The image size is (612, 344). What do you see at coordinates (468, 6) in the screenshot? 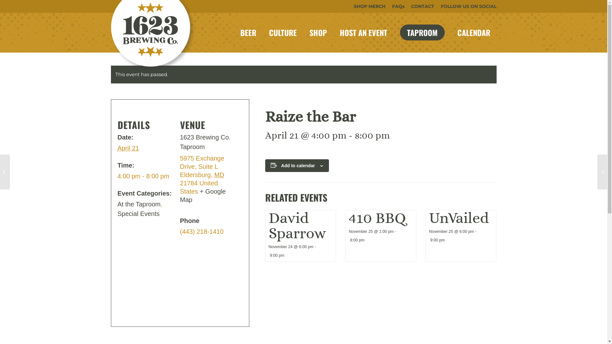
I see `'FOLLOW US ON SOCIAL'` at bounding box center [468, 6].